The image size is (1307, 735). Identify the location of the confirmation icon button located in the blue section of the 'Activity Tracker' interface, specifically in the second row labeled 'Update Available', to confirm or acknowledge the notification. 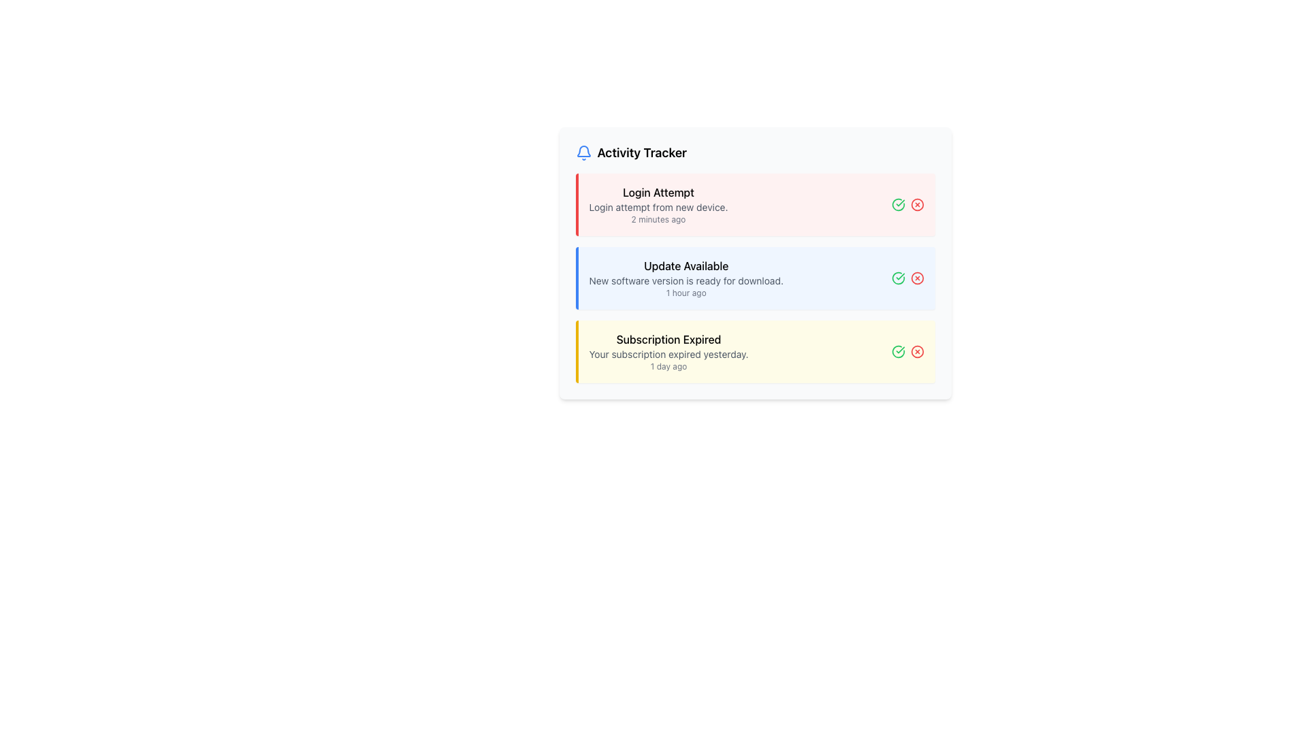
(898, 277).